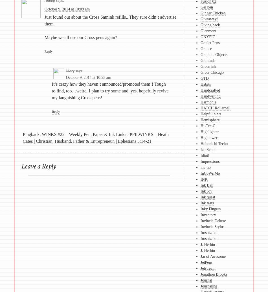 Image resolution: width=268 pixels, height=292 pixels. I want to click on 'Invincia Stylus', so click(212, 227).